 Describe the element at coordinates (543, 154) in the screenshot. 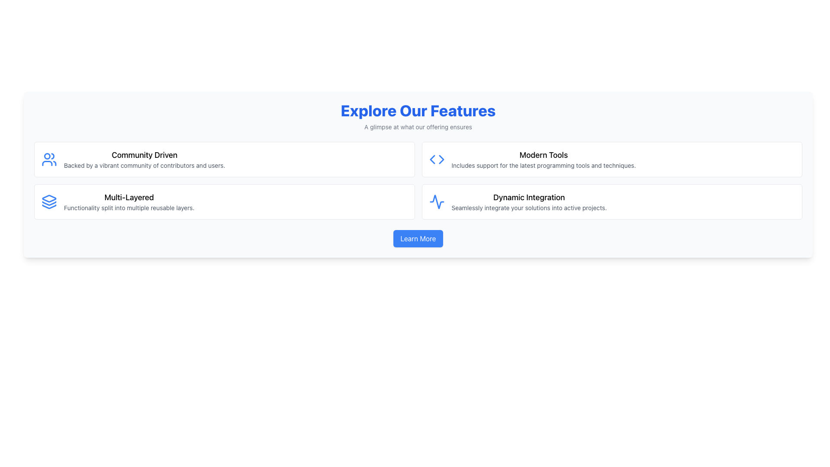

I see `the Text Label that serves as a heading for the feature description, positioned above the text about programming tools` at that location.